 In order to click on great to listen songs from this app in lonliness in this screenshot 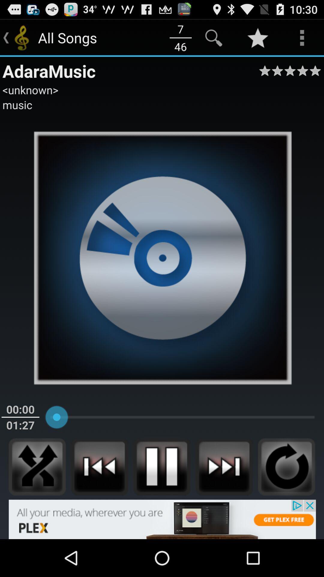, I will do `click(37, 466)`.